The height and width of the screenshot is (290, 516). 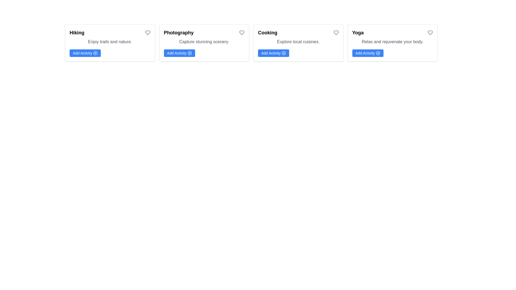 I want to click on the button located directly below the text 'Relax and rejuvenate your body.' in the 'Yoga' activity card, so click(x=367, y=53).